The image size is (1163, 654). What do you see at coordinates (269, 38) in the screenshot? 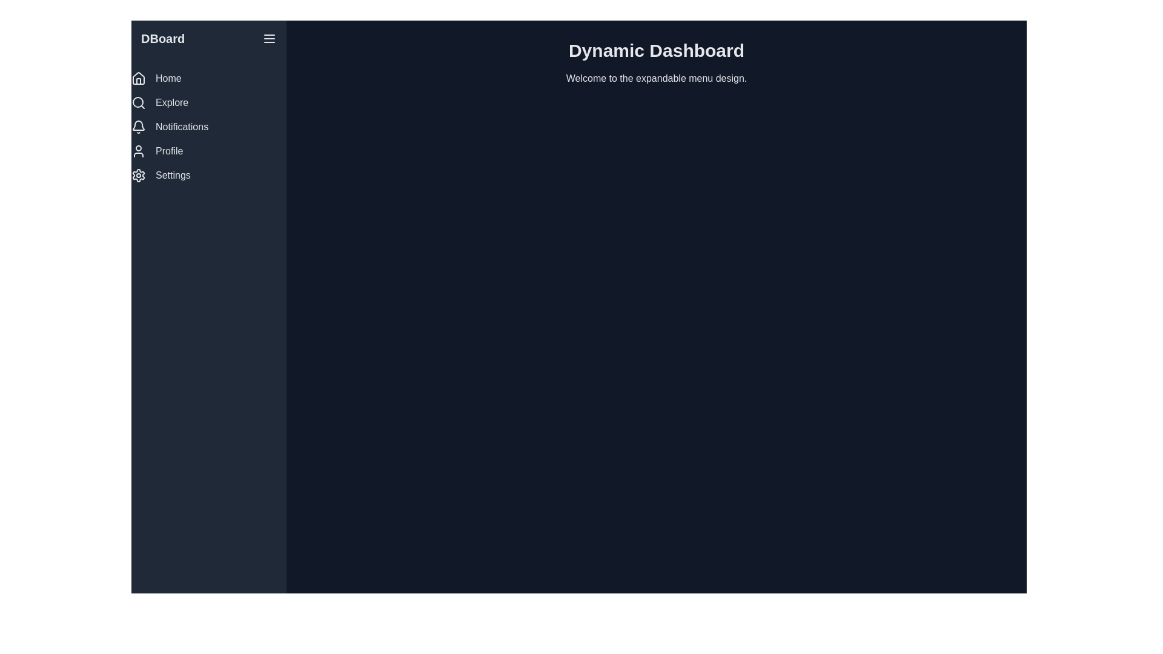
I see `the interactive button located at the top right corner of the panel, next to the label 'DBoard'` at bounding box center [269, 38].